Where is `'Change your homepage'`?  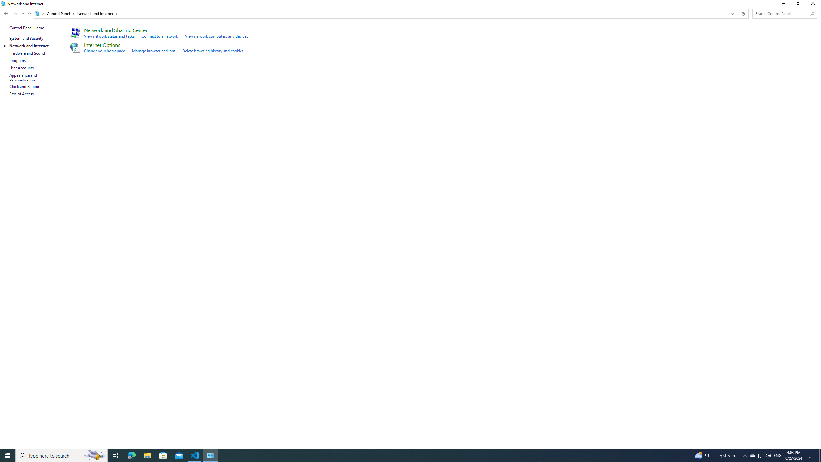
'Change your homepage' is located at coordinates (105, 50).